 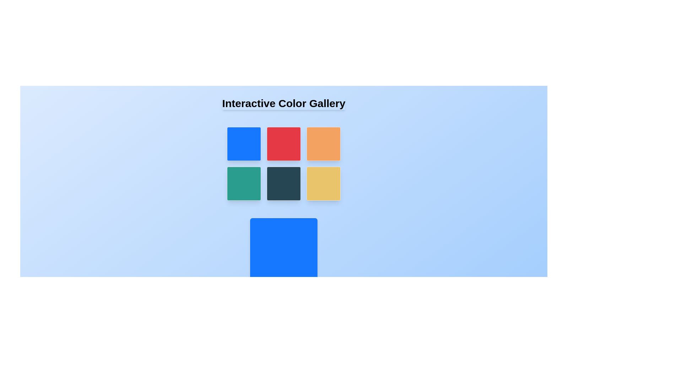 What do you see at coordinates (283, 183) in the screenshot?
I see `the interactive button located in the middle column of the second row within the grid layout of the Interactive Color Gallery` at bounding box center [283, 183].